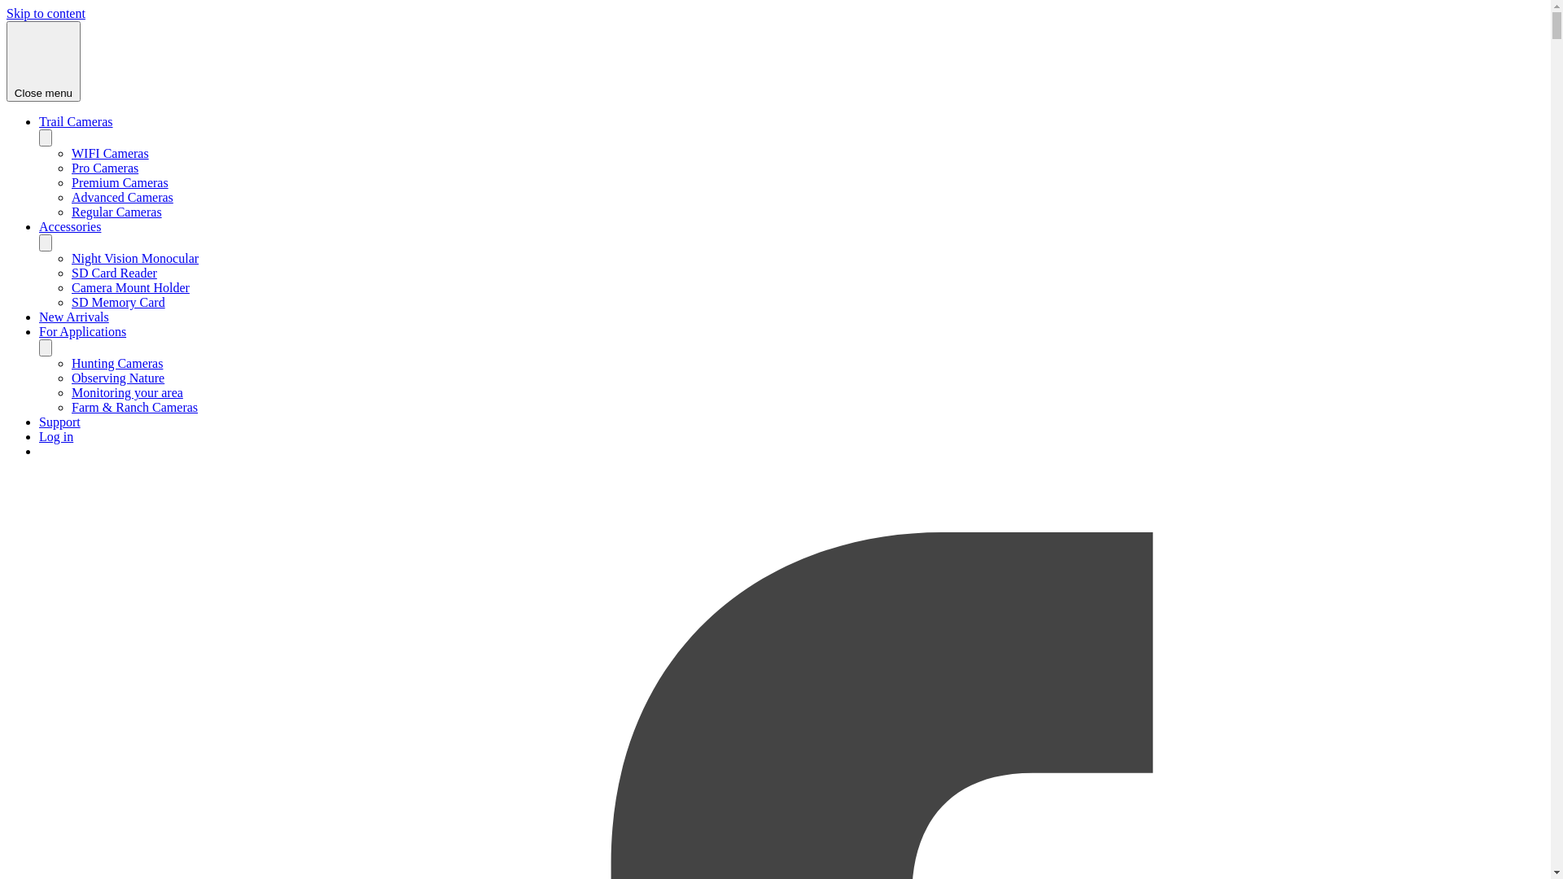  What do you see at coordinates (113, 272) in the screenshot?
I see `'SD Card Reader'` at bounding box center [113, 272].